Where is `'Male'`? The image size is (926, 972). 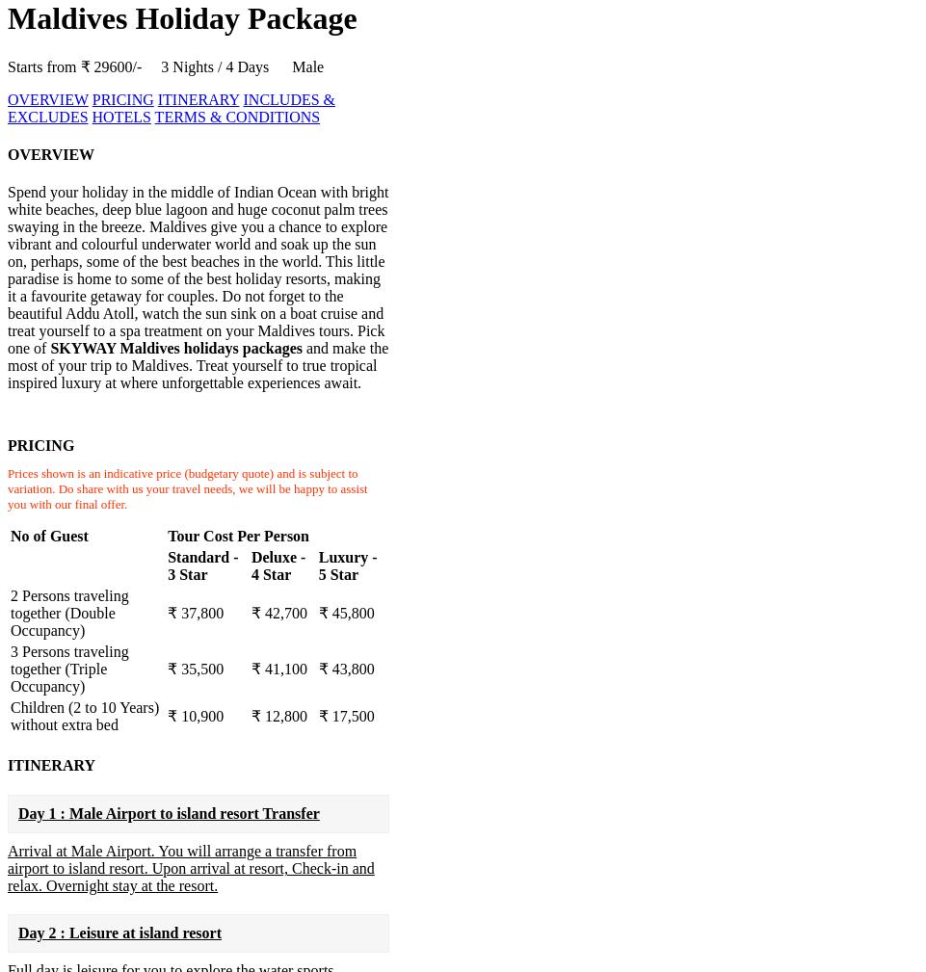
'Male' is located at coordinates (307, 65).